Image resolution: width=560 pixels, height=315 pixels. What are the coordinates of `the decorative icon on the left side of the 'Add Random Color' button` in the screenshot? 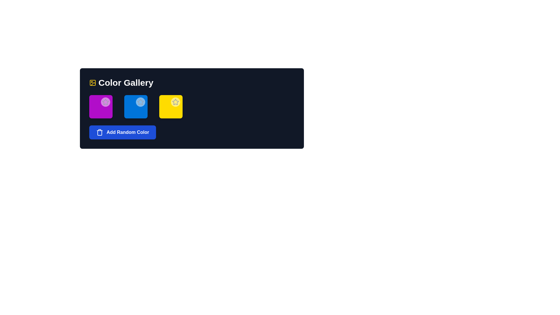 It's located at (99, 132).